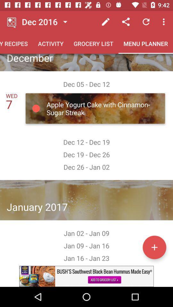 The image size is (173, 307). Describe the element at coordinates (154, 247) in the screenshot. I see `recipe` at that location.